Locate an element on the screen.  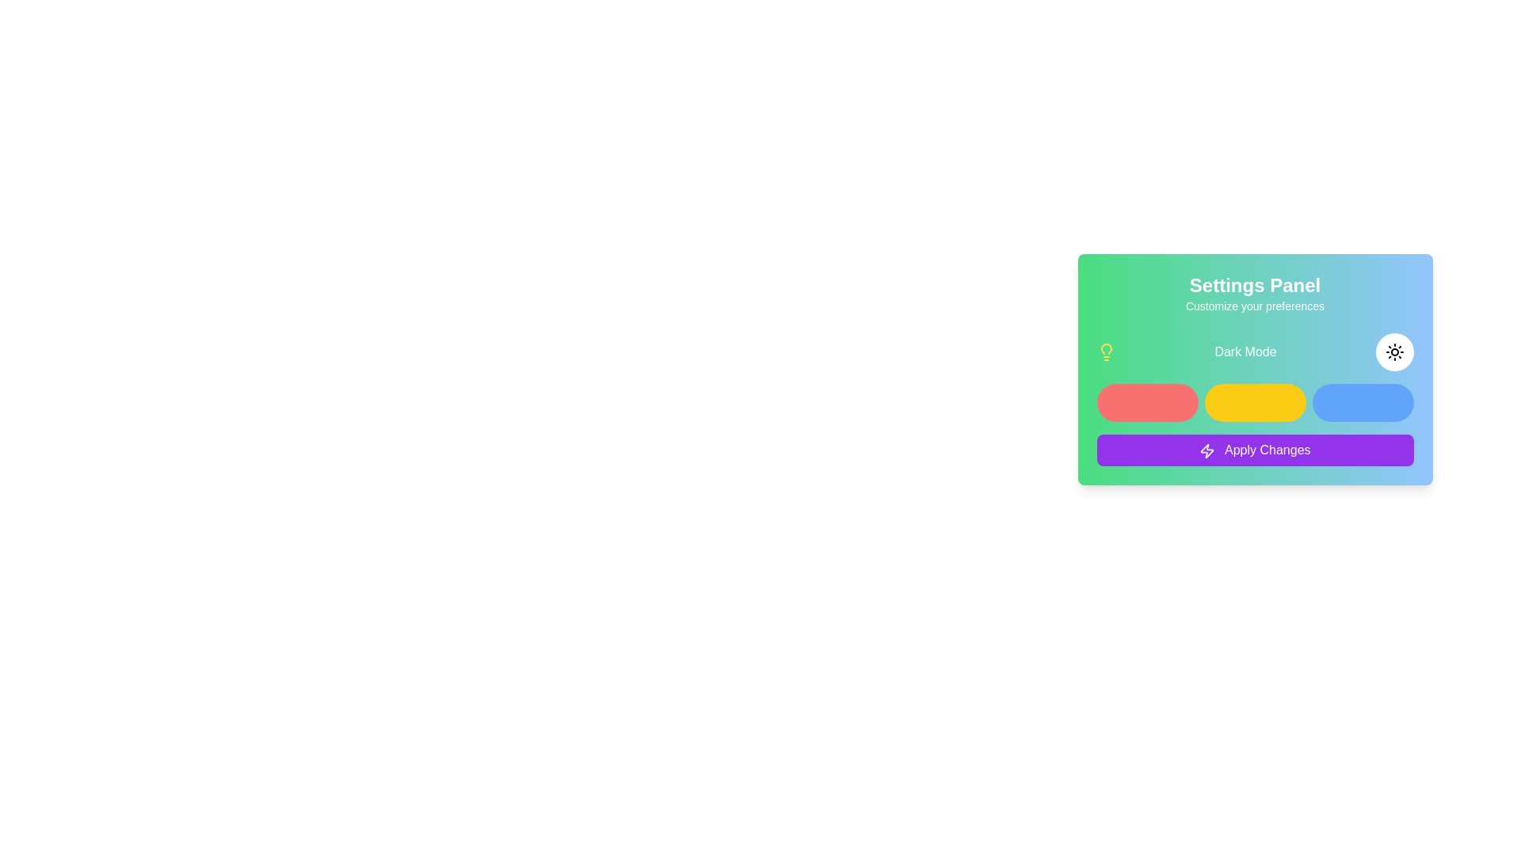
the second button in the settings panel, located between a red button on the left and a blue button on the right is located at coordinates (1254, 402).